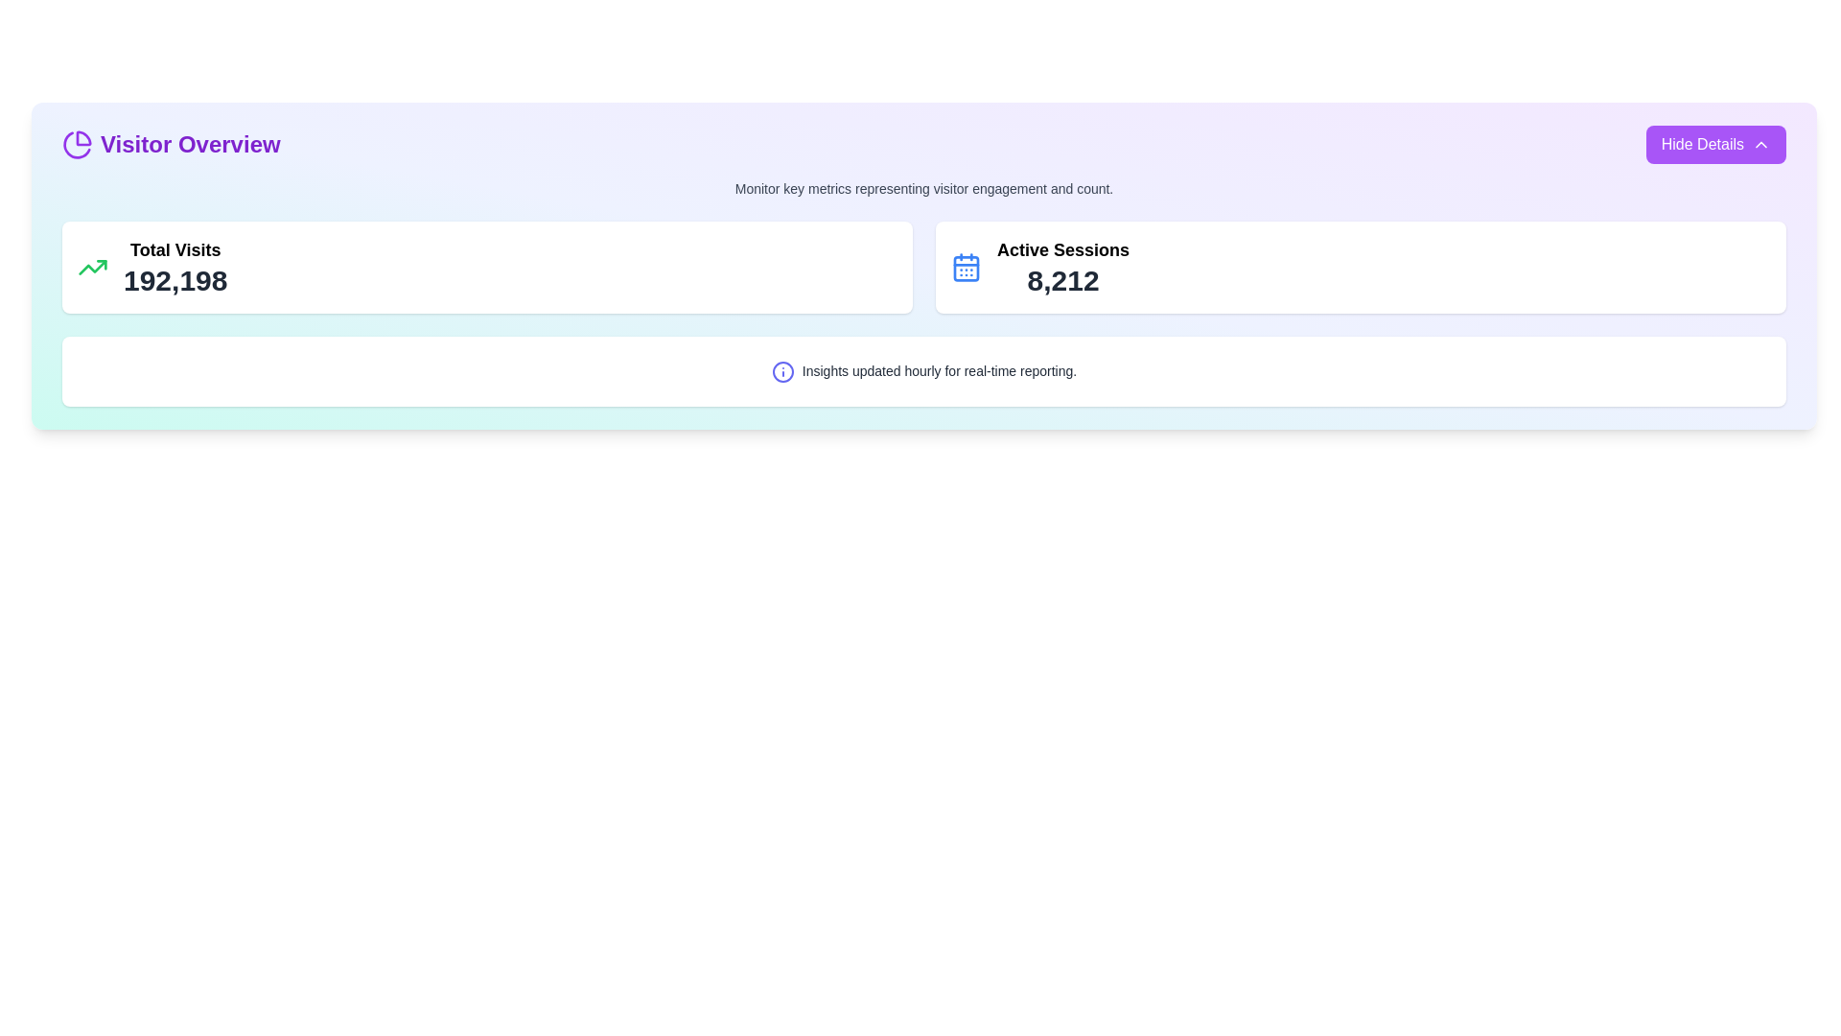 Image resolution: width=1841 pixels, height=1036 pixels. I want to click on value displayed in the bold numeric text '8,212' under the label 'Active Sessions' in the metrics display card, so click(1061, 281).